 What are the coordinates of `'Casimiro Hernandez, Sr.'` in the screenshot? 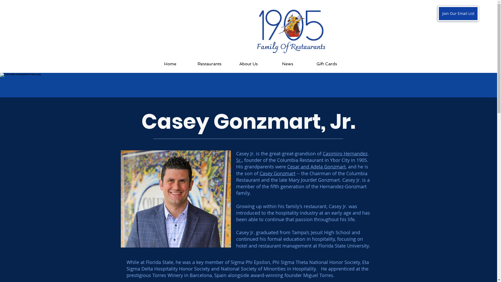 It's located at (302, 156).